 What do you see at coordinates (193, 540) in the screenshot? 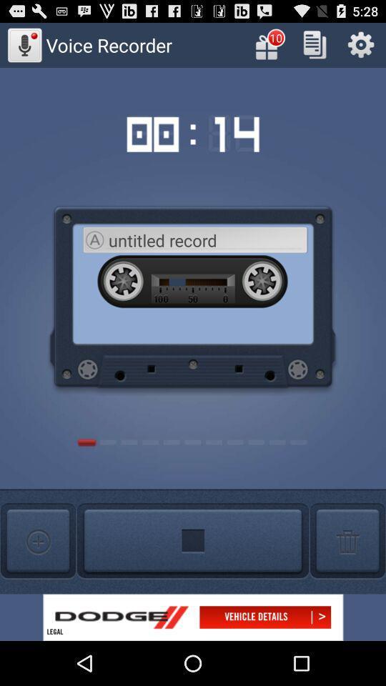
I see `stop button which is above dodge on the page` at bounding box center [193, 540].